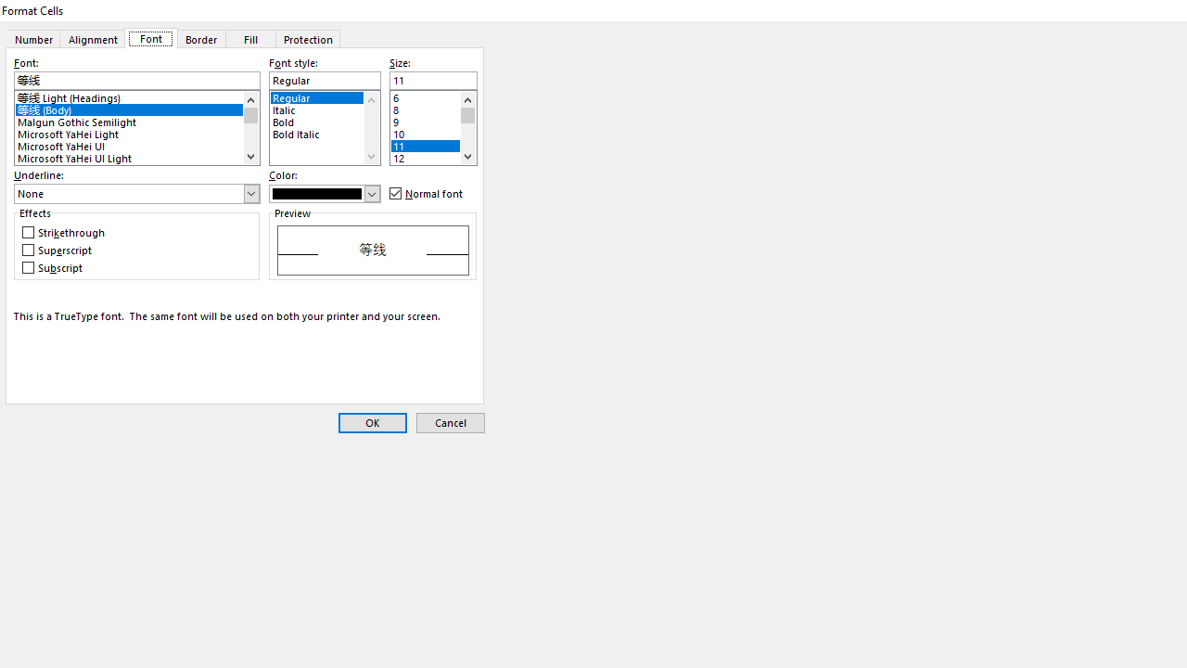 This screenshot has width=1187, height=668. Describe the element at coordinates (325, 80) in the screenshot. I see `'Font style:'` at that location.